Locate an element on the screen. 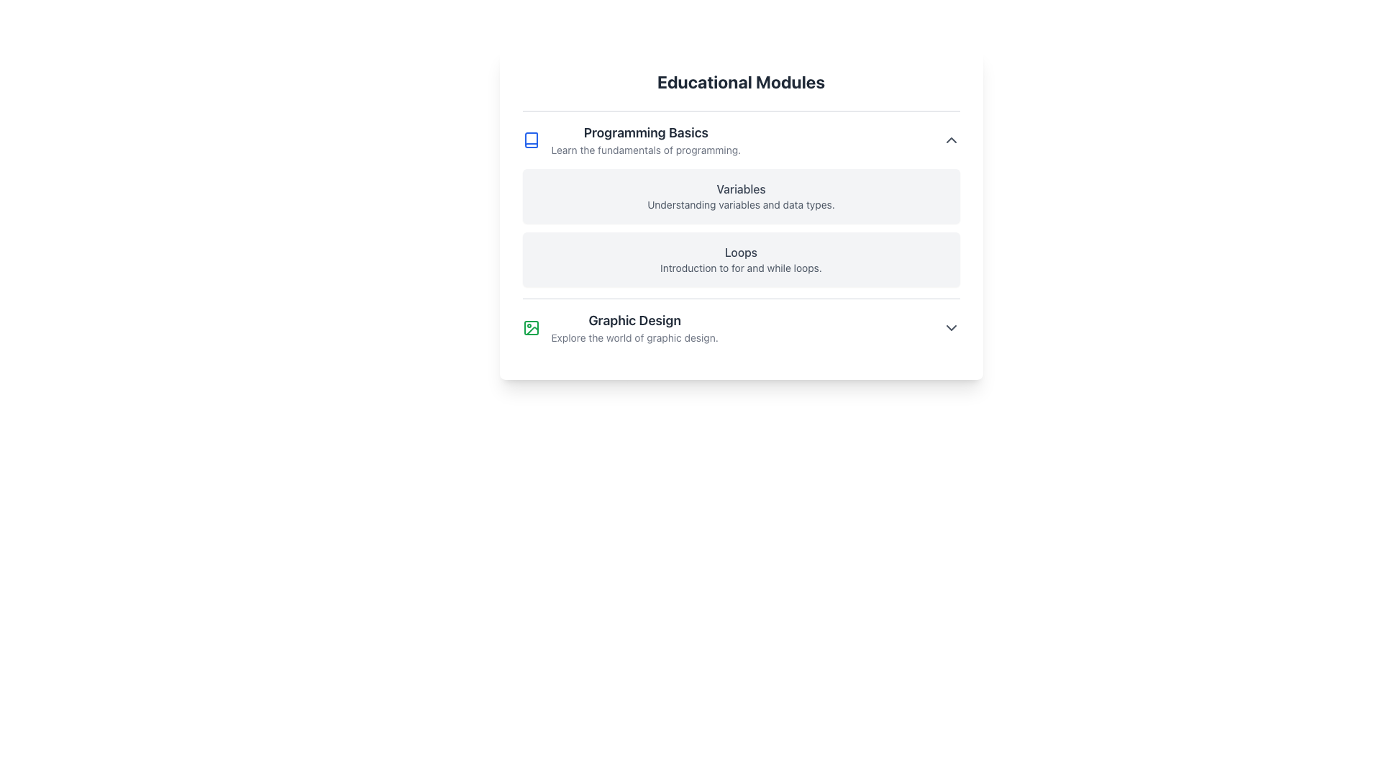 The width and height of the screenshot is (1381, 777). the downwards-facing chevron icon in the 'Graphic Design' section is located at coordinates (951, 327).